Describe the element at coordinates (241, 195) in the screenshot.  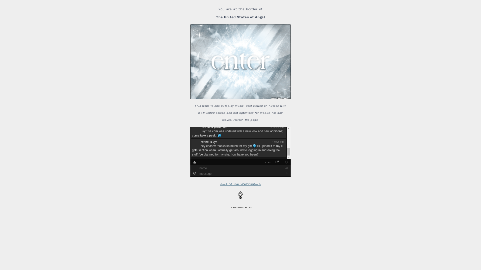
I see `'pixel friends | Isabelle'` at that location.